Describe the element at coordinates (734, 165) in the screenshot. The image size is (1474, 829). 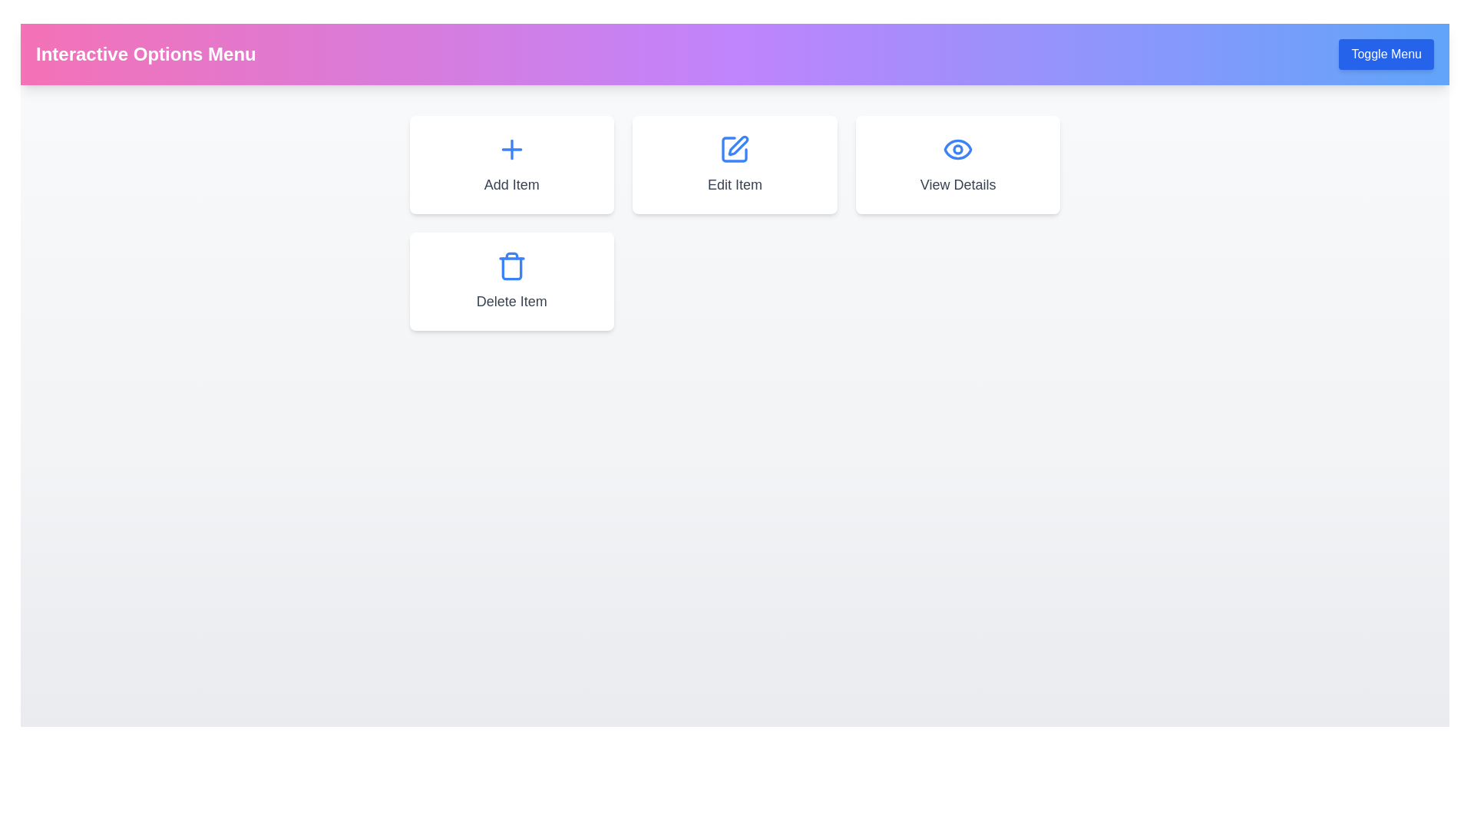
I see `the 'Edit Item' button` at that location.